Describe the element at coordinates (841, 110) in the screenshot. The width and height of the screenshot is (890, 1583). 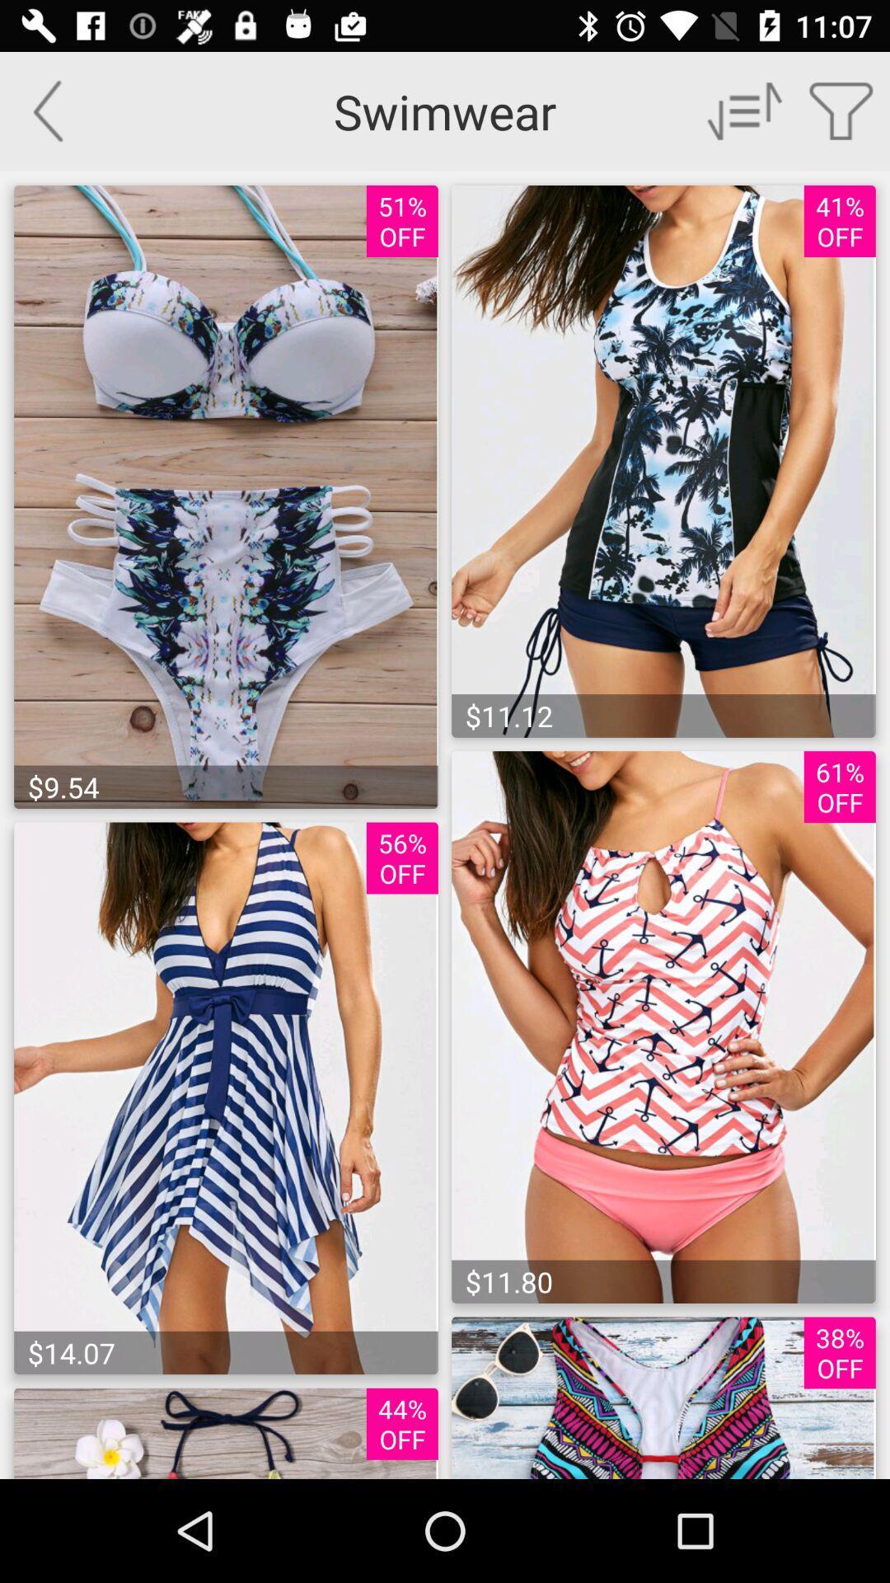
I see `the filter icon` at that location.